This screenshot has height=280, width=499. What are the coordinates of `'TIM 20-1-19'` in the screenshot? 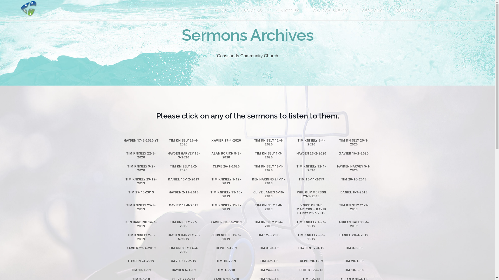 It's located at (354, 261).